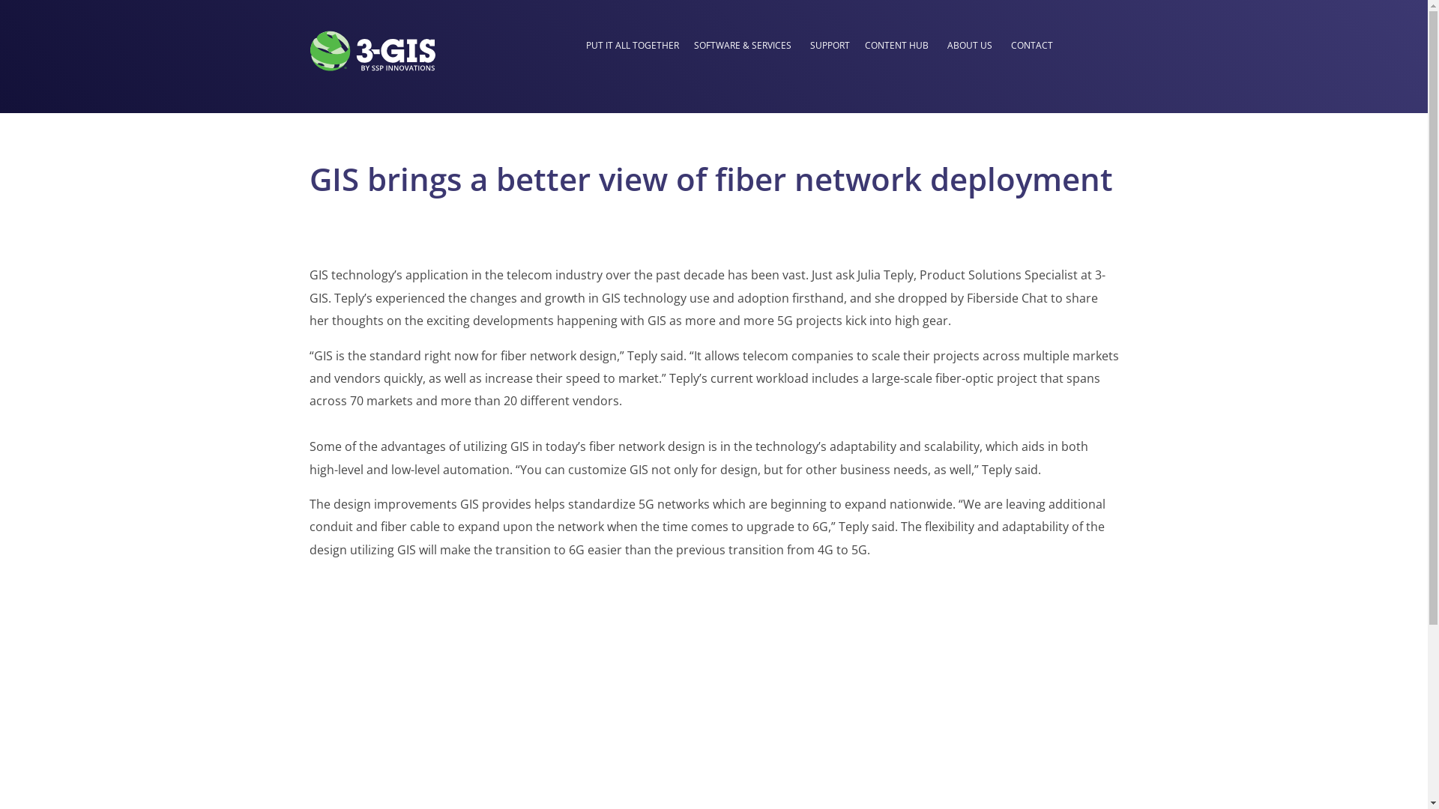 The height and width of the screenshot is (809, 1439). What do you see at coordinates (1031, 45) in the screenshot?
I see `'CONTACT'` at bounding box center [1031, 45].